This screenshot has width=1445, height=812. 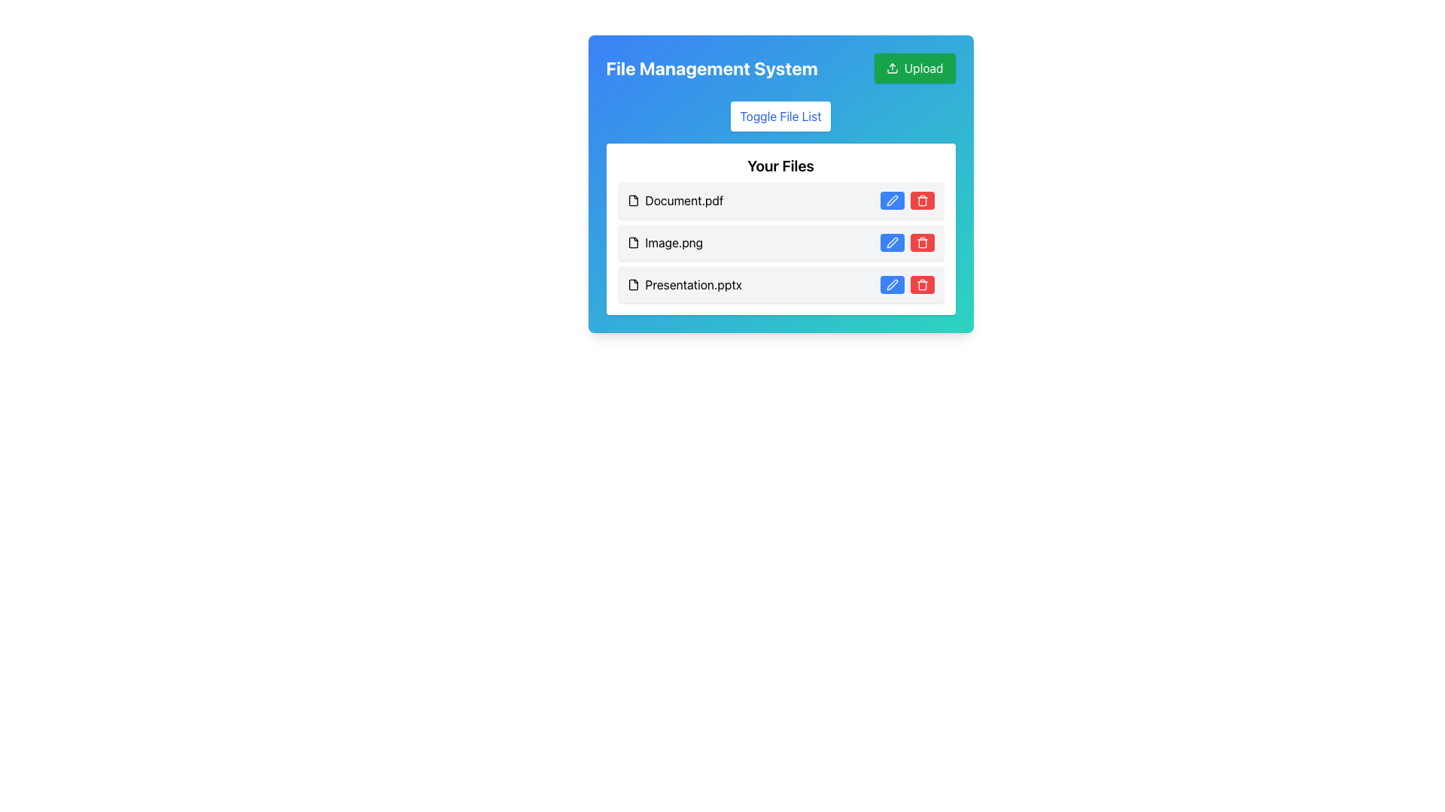 What do you see at coordinates (921, 284) in the screenshot?
I see `the delete button located in the third row of the 'Your Files' section, which is positioned to the right of the blue pencil icon, to observe visual feedback` at bounding box center [921, 284].